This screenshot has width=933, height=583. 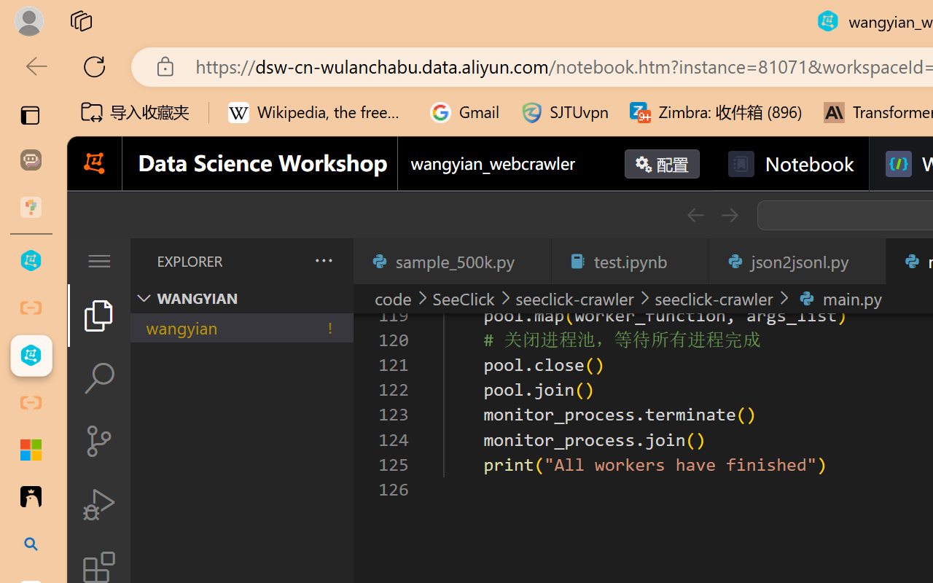 I want to click on 'sample_500k.py', so click(x=451, y=261).